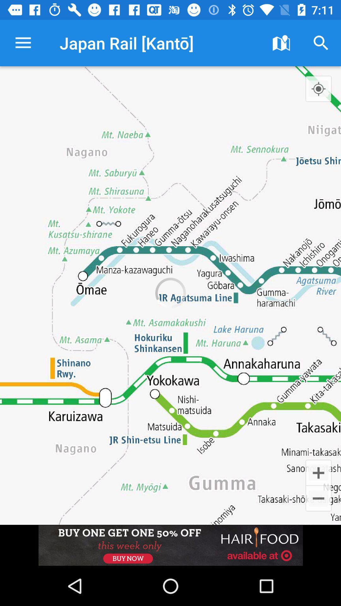 This screenshot has width=341, height=606. Describe the element at coordinates (318, 472) in the screenshot. I see `the add icon` at that location.